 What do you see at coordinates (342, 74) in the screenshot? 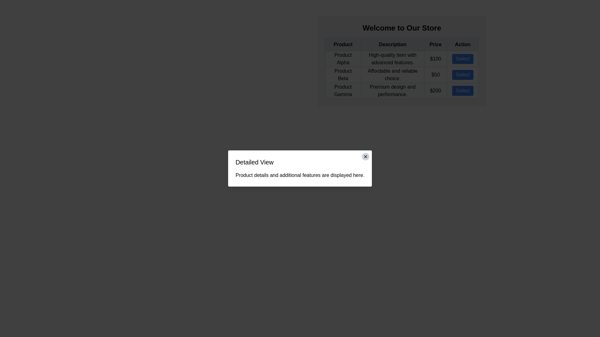
I see `text label displaying the product name 'Product Beta', located in the second row of the table under the 'Product' column` at bounding box center [342, 74].